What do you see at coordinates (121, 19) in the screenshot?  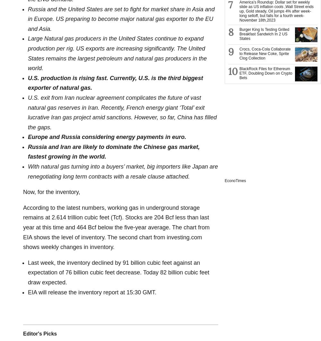 I see `'Russia and the United States are set to fight for market share in Asia and in Europe. US preparing to become major natural gas exporter to the EU and Asia.'` at bounding box center [121, 19].